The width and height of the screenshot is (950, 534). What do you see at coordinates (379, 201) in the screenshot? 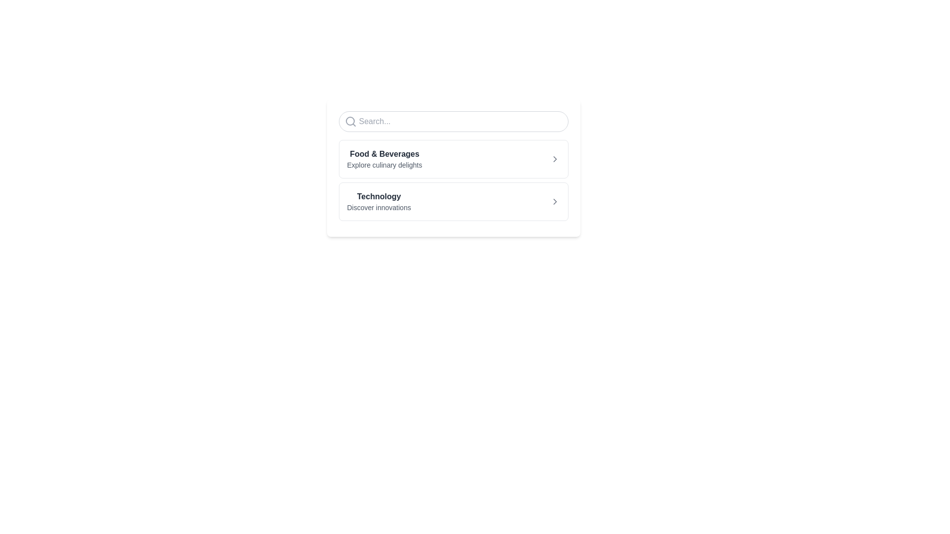
I see `the second list item labeled 'Technology'` at bounding box center [379, 201].